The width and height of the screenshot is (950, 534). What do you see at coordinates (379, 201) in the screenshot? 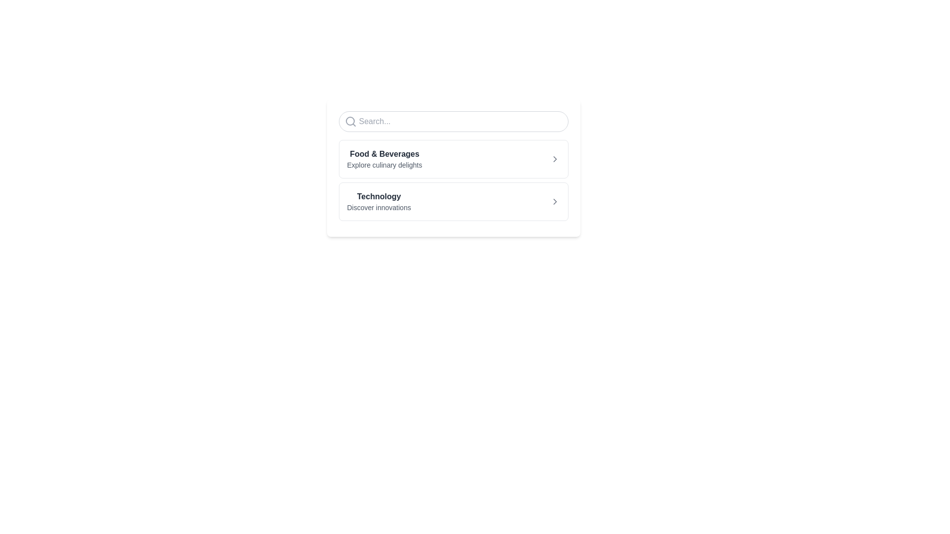
I see `the second list item labeled 'Technology'` at bounding box center [379, 201].